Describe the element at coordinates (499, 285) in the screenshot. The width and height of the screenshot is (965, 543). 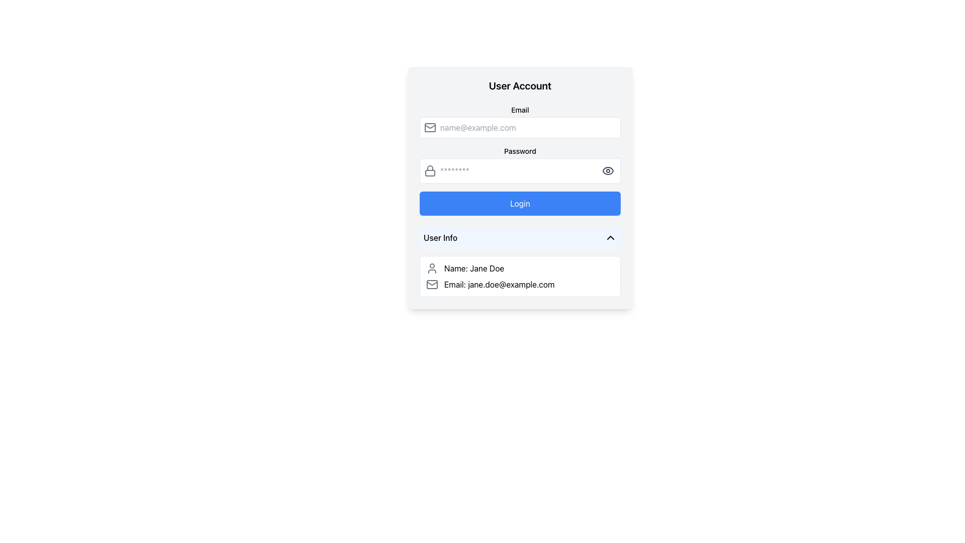
I see `user's email address displayed in the text label located at the bottom-right of the 'User Info' section under the 'User Account' panel, adjacent to the envelope icon` at that location.